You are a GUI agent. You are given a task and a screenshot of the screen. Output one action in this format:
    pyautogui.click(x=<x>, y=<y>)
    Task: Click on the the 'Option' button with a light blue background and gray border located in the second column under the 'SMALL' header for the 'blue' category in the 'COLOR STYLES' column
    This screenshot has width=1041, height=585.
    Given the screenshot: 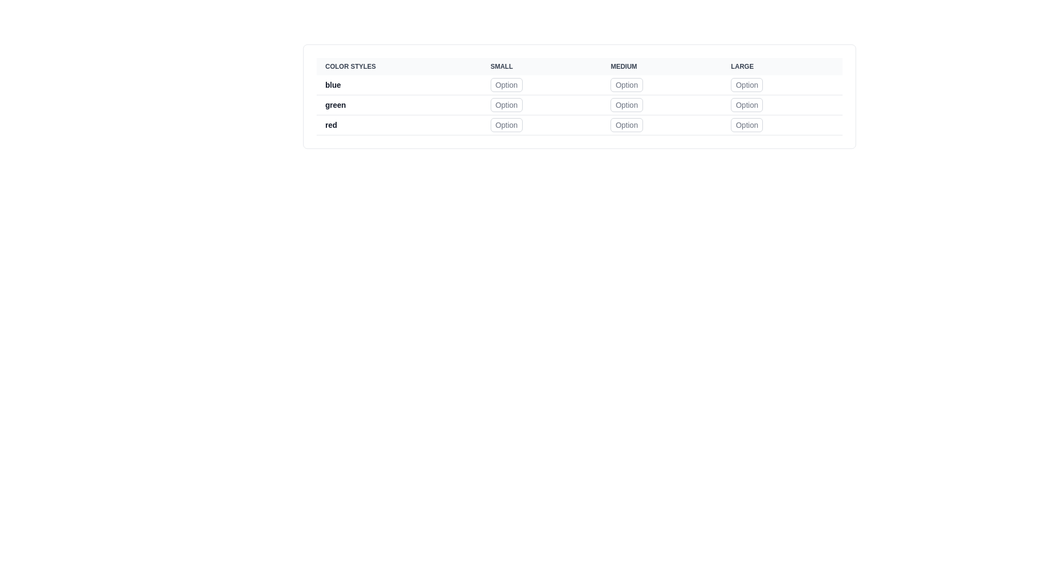 What is the action you would take?
    pyautogui.click(x=506, y=84)
    